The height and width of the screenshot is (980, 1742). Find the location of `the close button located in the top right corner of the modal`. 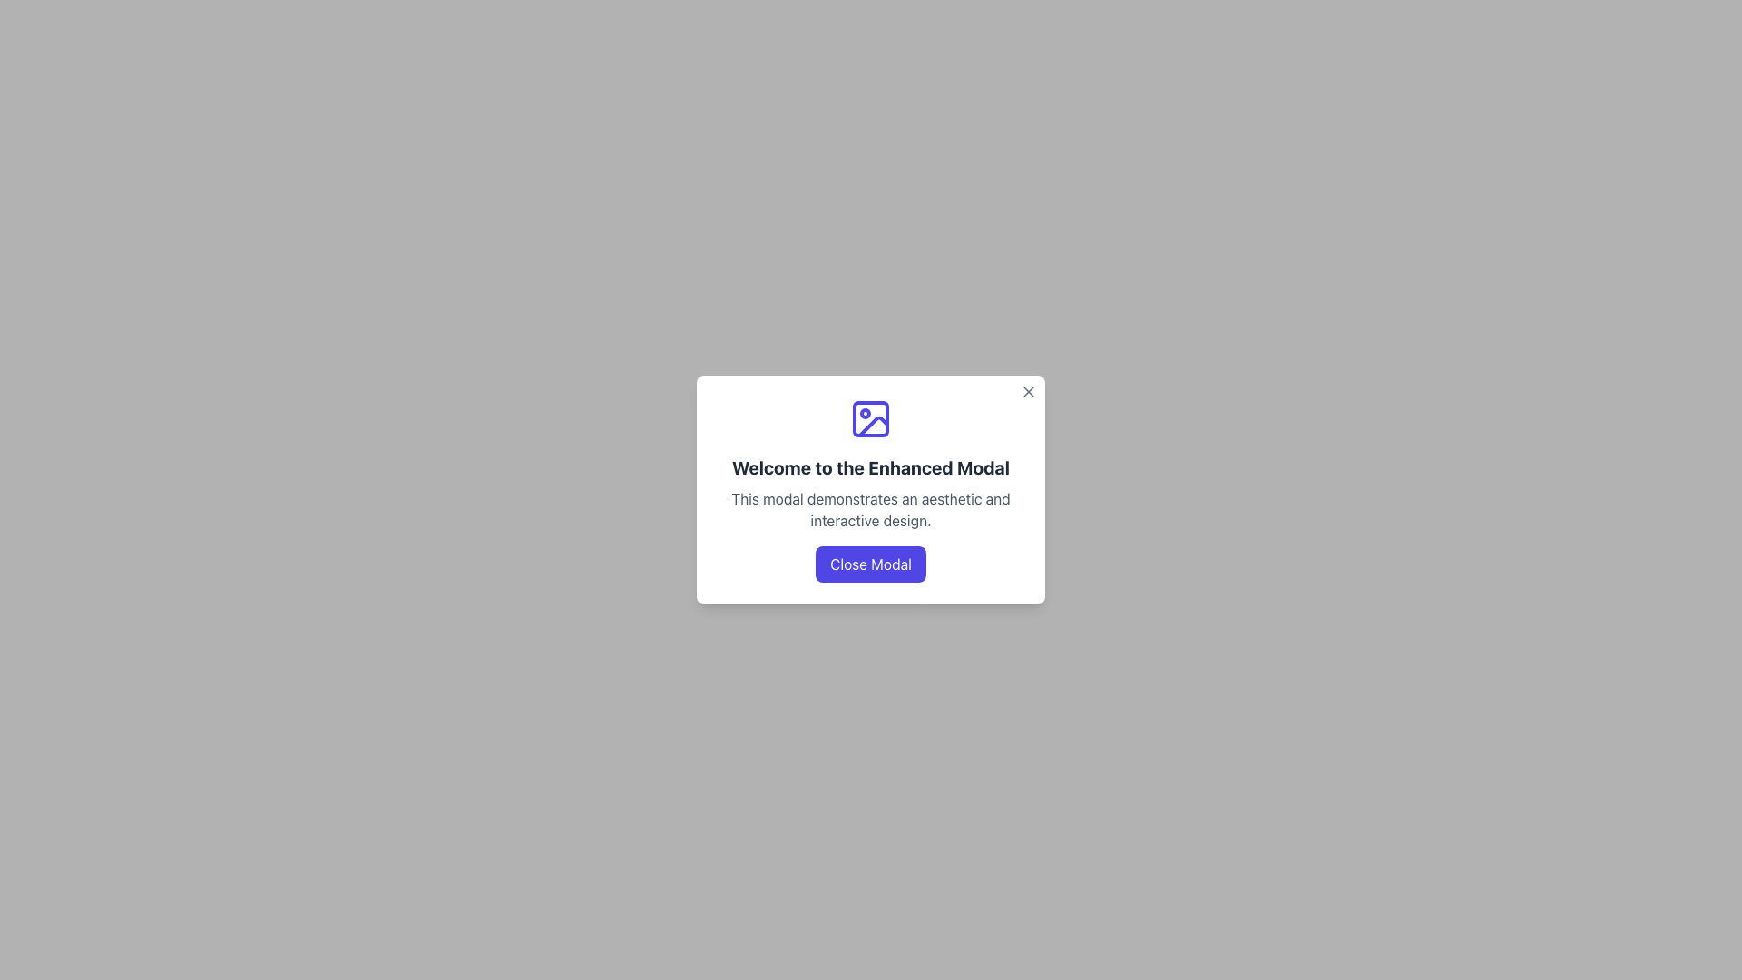

the close button located in the top right corner of the modal is located at coordinates (1028, 391).